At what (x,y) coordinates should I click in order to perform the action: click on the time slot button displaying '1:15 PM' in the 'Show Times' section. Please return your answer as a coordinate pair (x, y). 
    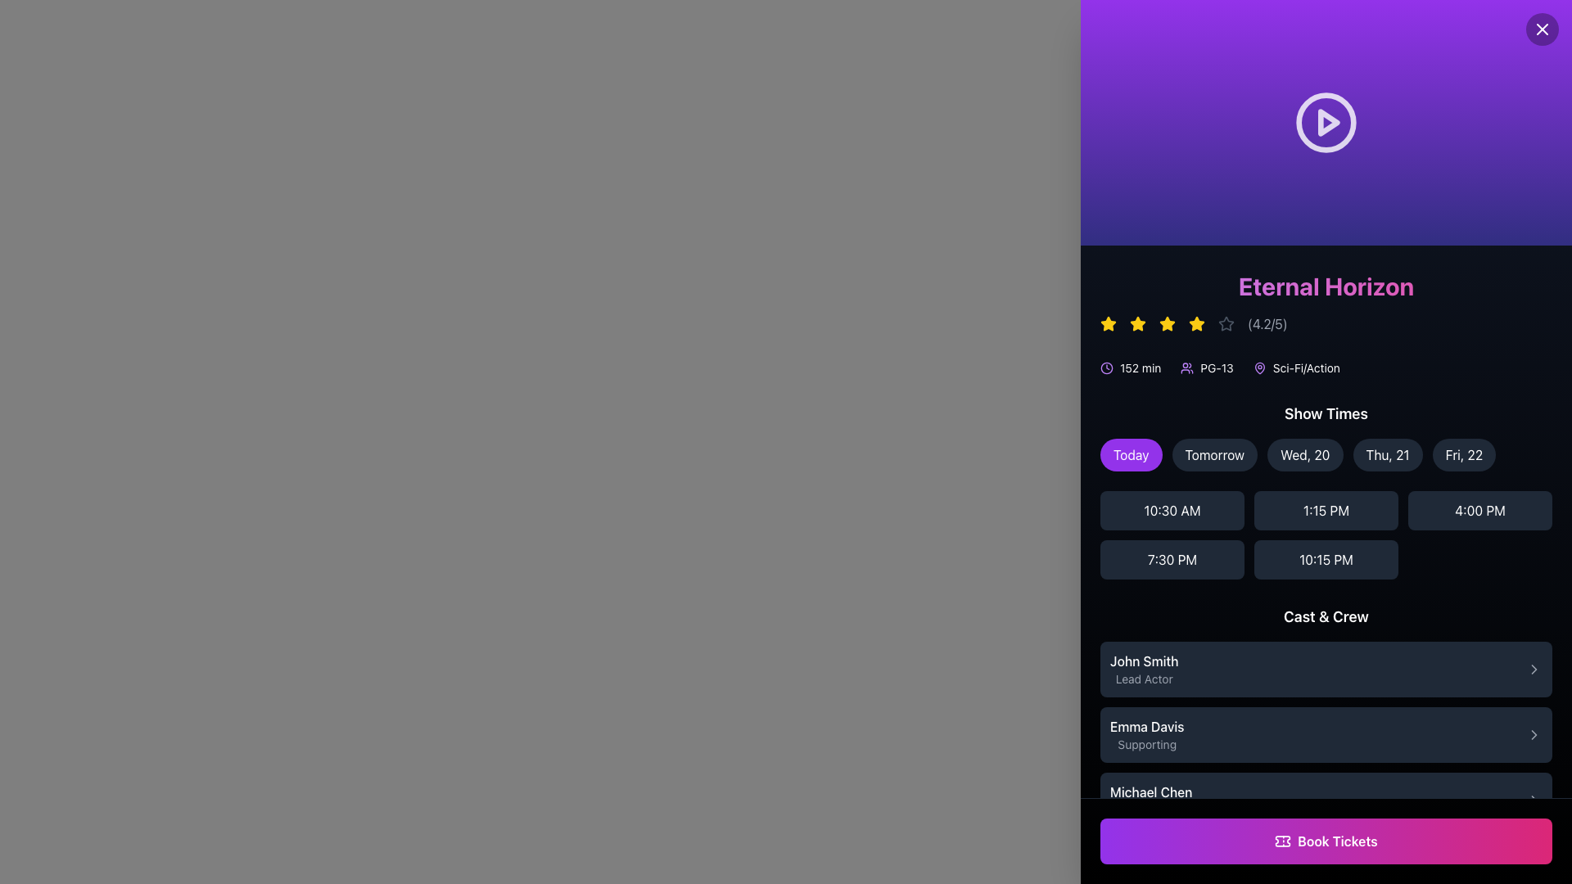
    Looking at the image, I should click on (1326, 510).